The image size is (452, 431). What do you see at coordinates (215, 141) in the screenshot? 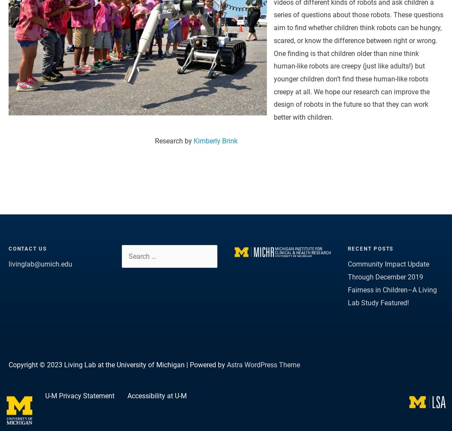
I see `'Kimberly Brink'` at bounding box center [215, 141].